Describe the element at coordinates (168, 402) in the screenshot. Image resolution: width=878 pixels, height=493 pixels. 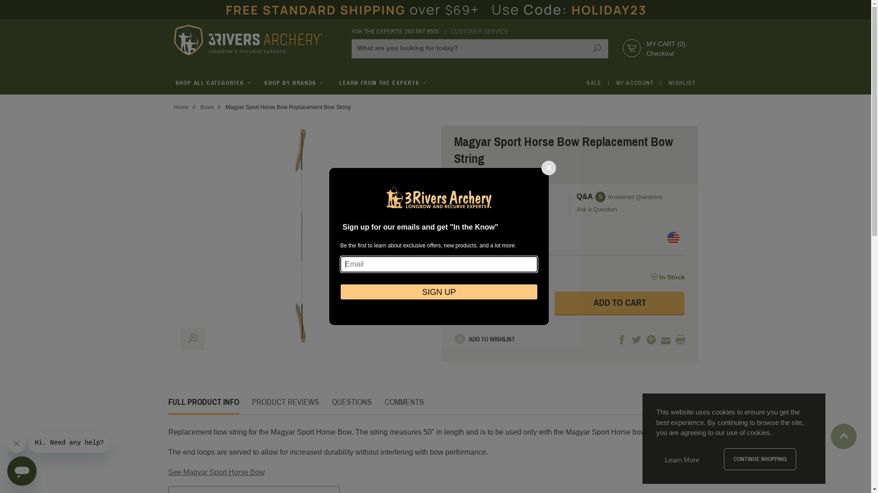
I see `'FULL PRODUCT INFO'` at that location.